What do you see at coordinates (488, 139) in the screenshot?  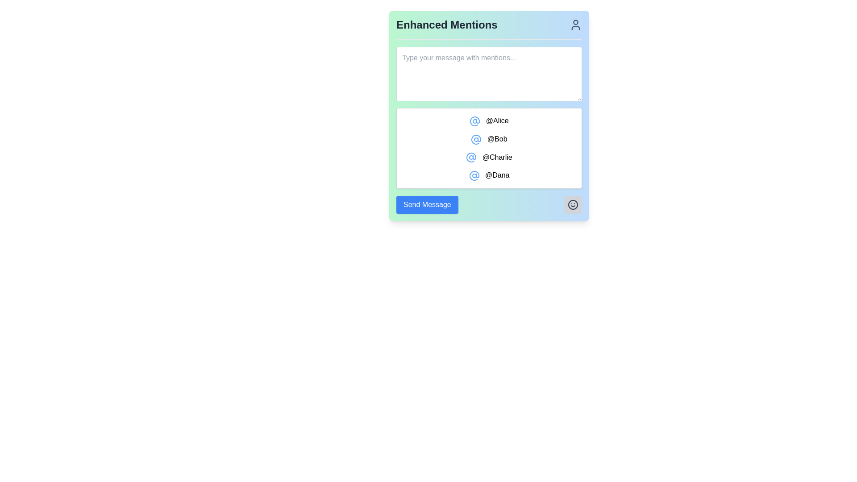 I see `the selectable user mention option for 'Bob' in the dropdown list, which is the second item below '@Alice' and above '@Charlie'` at bounding box center [488, 139].